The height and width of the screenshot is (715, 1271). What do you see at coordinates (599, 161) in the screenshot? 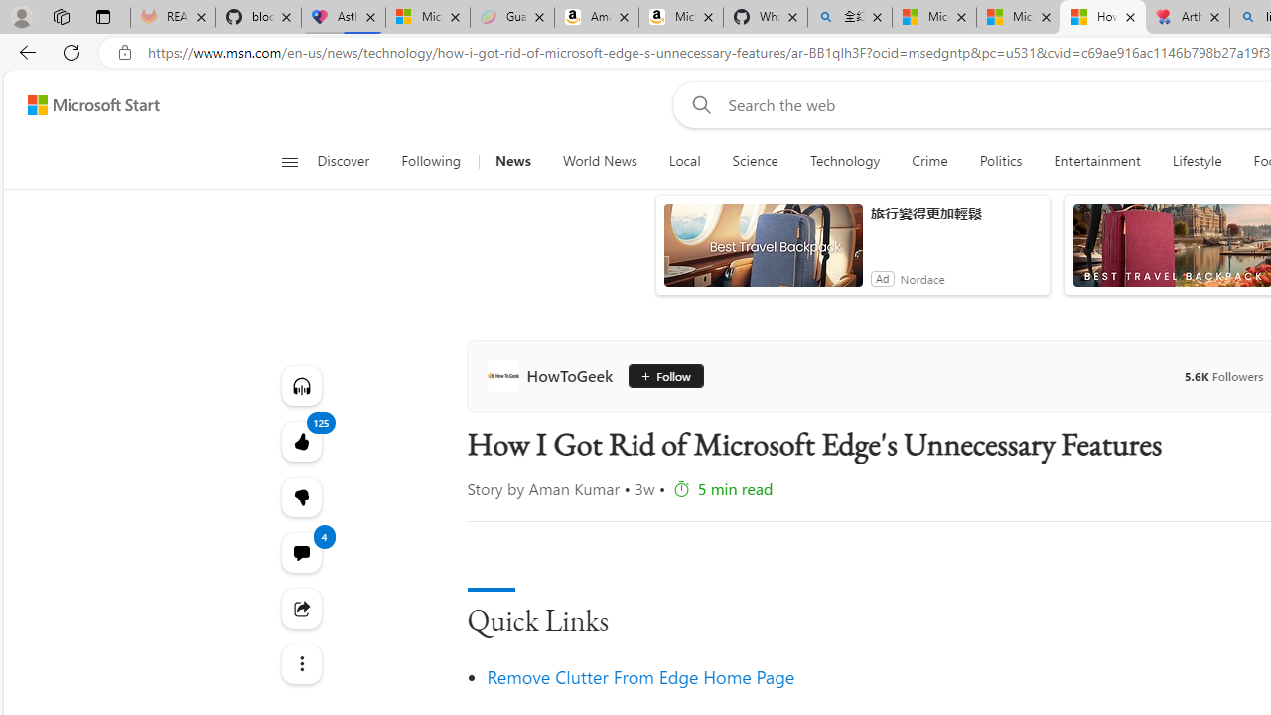
I see `'World News'` at bounding box center [599, 161].